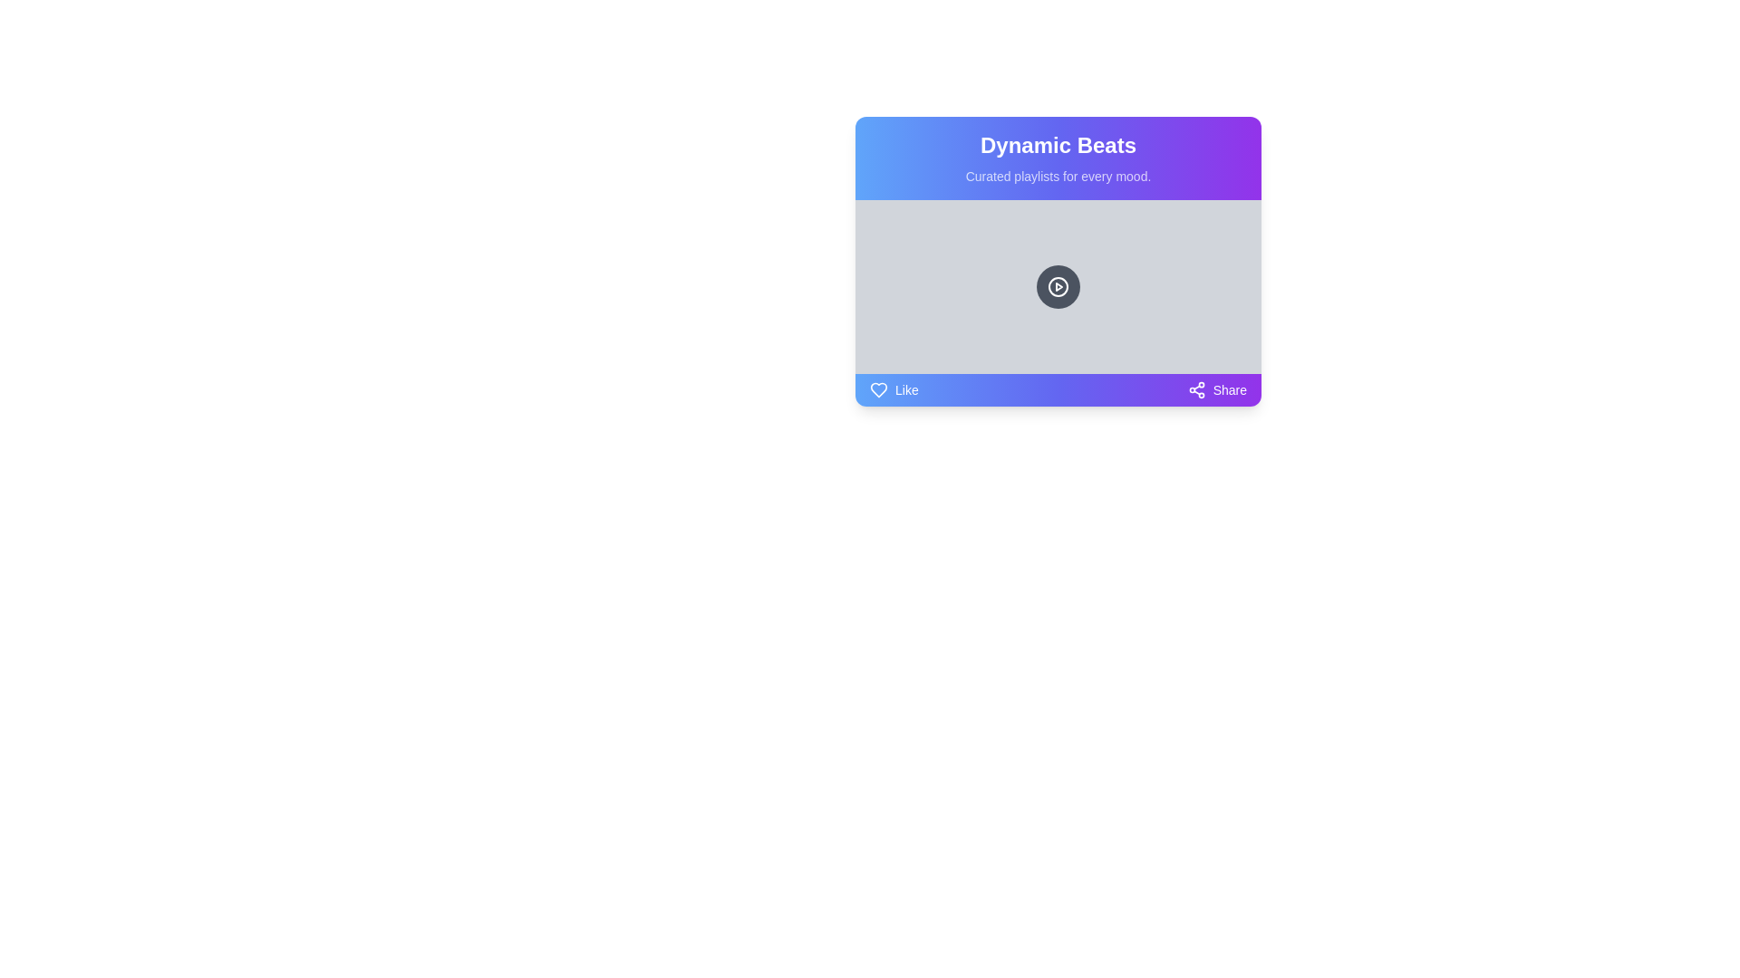  What do you see at coordinates (1230, 389) in the screenshot?
I see `the text label located at the bottom-right corner of the card component, which serves as a descriptor for sharing content` at bounding box center [1230, 389].